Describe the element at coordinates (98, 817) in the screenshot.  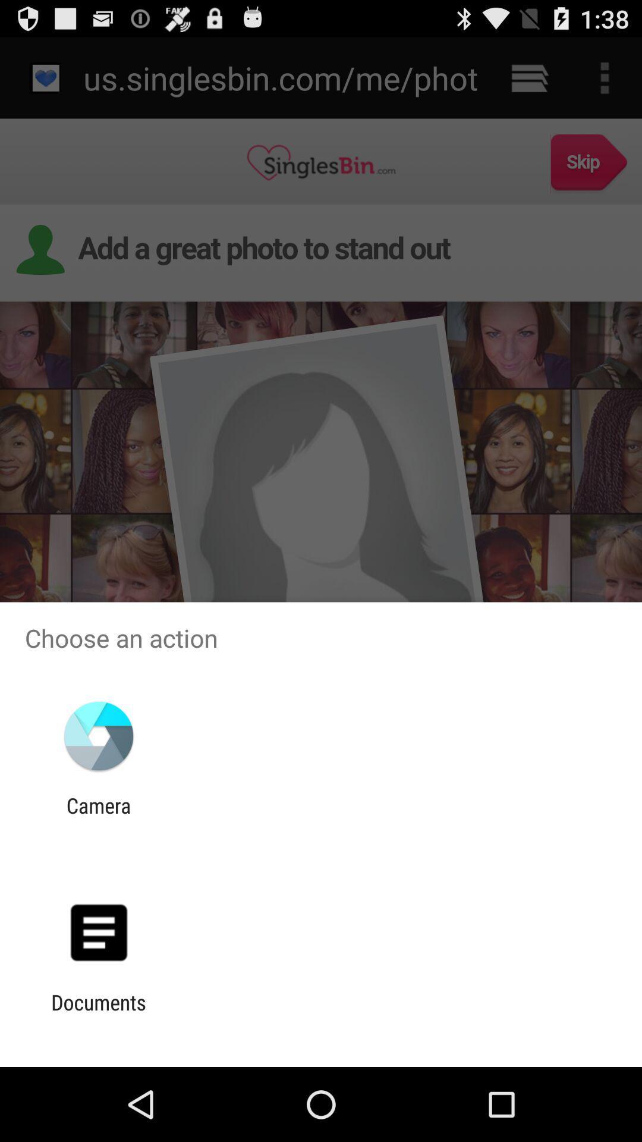
I see `camera app` at that location.